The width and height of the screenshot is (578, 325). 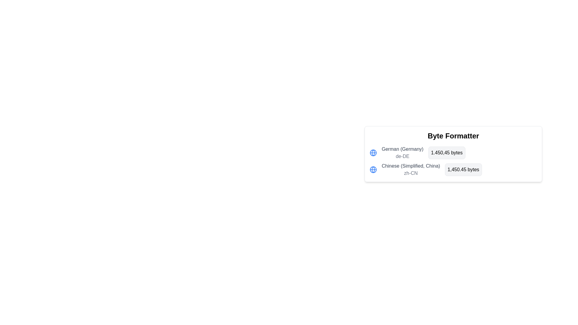 I want to click on the SVG globe icon located at the leftmost side of the 'Chinese (Simplified, China) zh-CN 1,450.45 bytes' section, so click(x=373, y=169).